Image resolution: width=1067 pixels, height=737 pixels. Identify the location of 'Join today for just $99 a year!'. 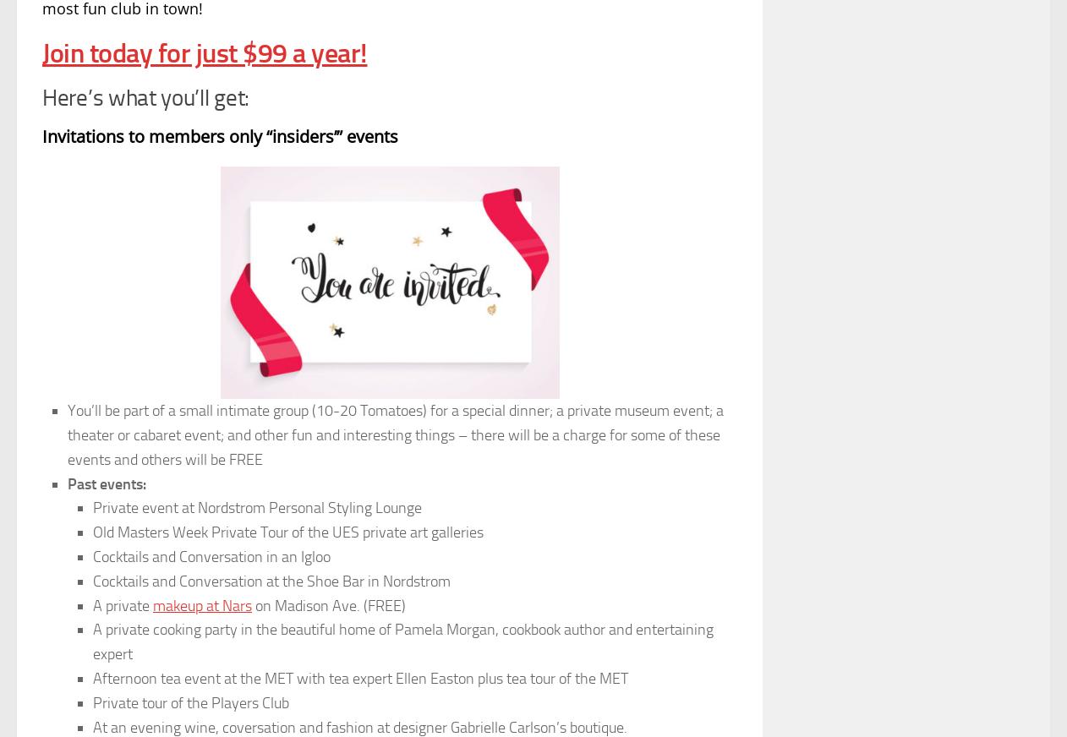
(204, 52).